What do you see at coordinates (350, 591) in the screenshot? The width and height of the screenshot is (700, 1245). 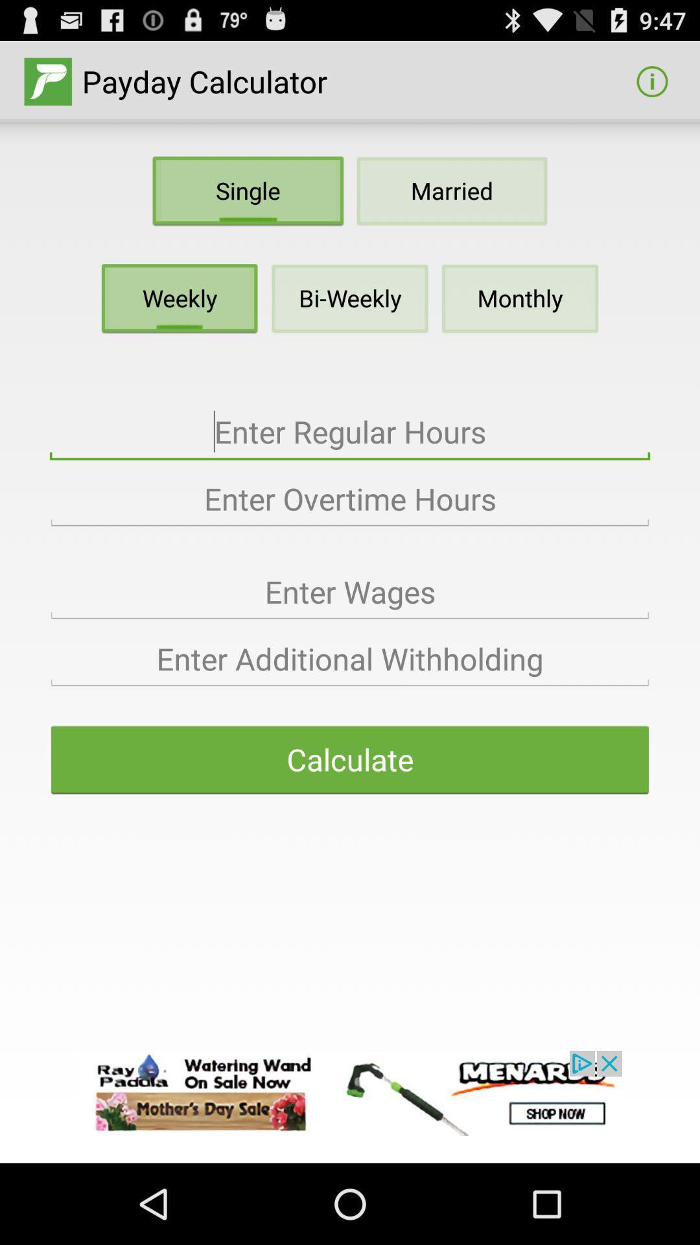 I see `wages option bar` at bounding box center [350, 591].